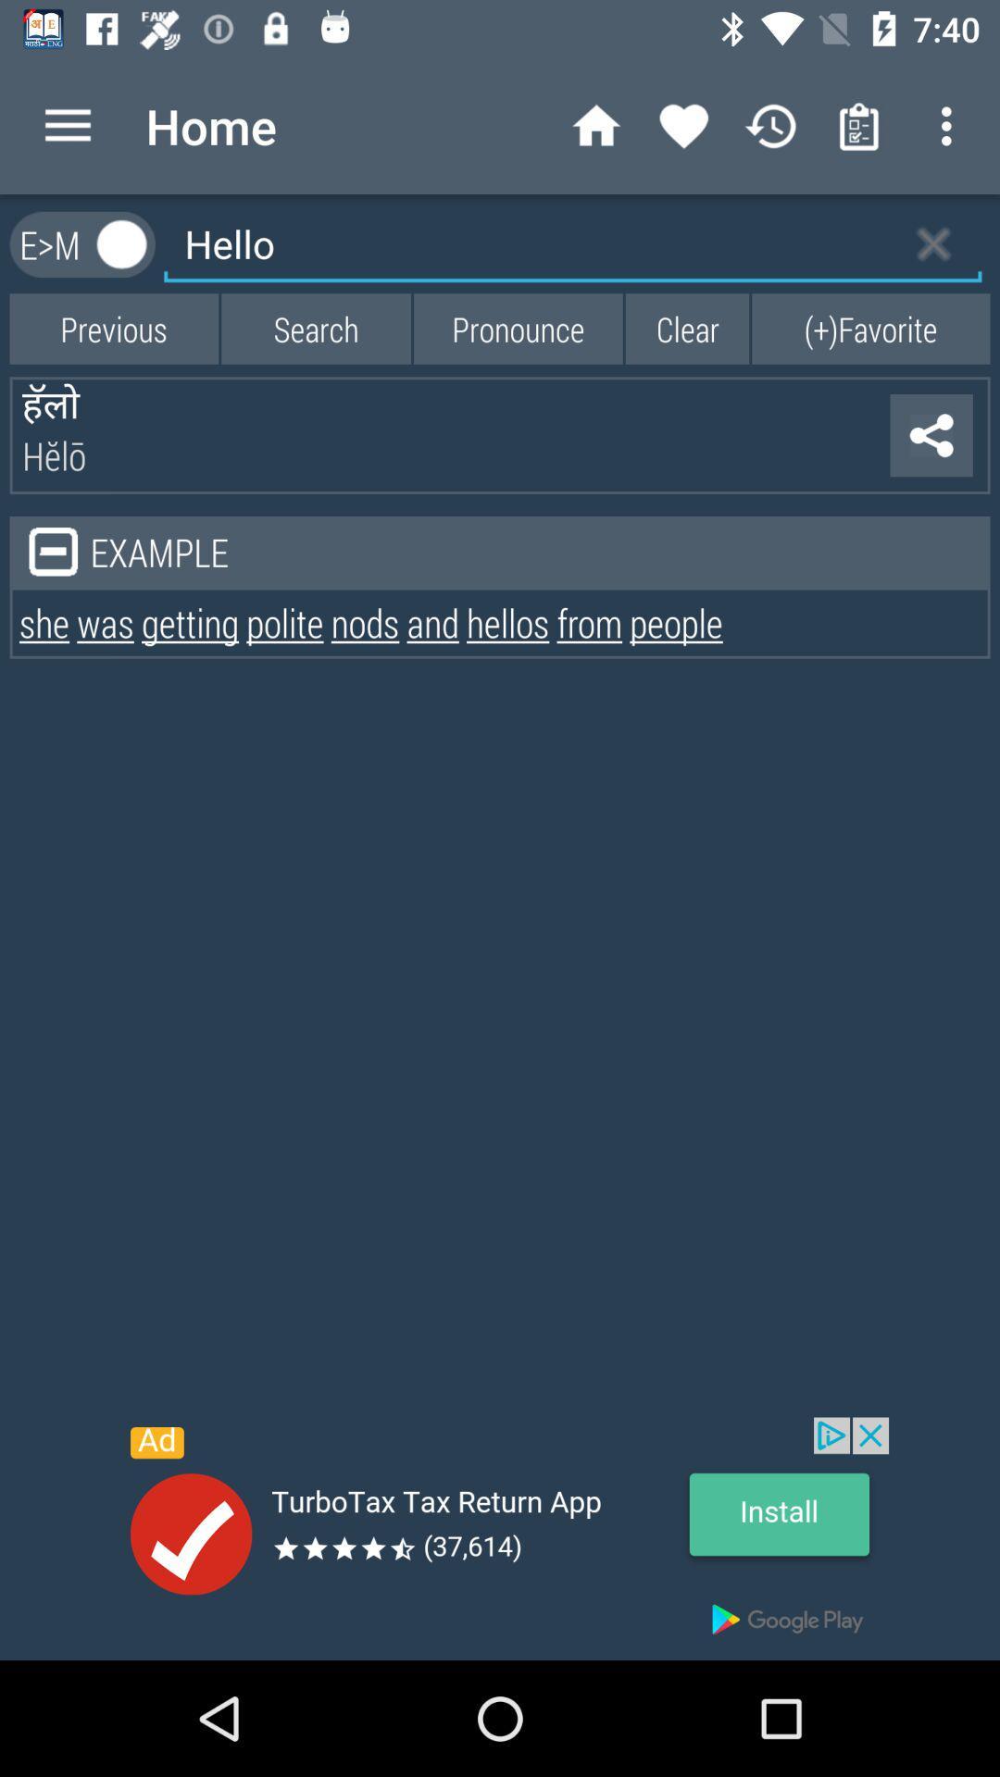 The image size is (1000, 1777). I want to click on the avatar icon, so click(122, 243).